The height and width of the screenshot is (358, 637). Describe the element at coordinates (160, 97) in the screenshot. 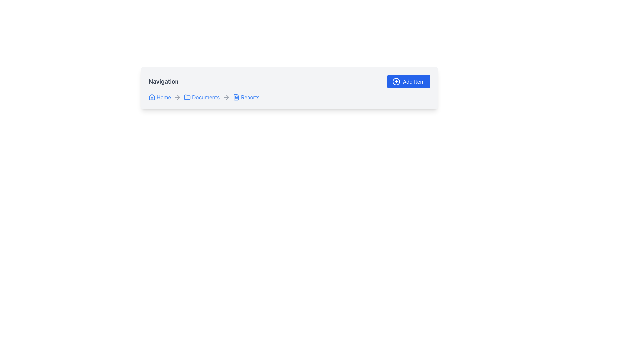

I see `the 'Home' link in the breadcrumb navigation menu, which is styled with light blue color and underlined text` at that location.